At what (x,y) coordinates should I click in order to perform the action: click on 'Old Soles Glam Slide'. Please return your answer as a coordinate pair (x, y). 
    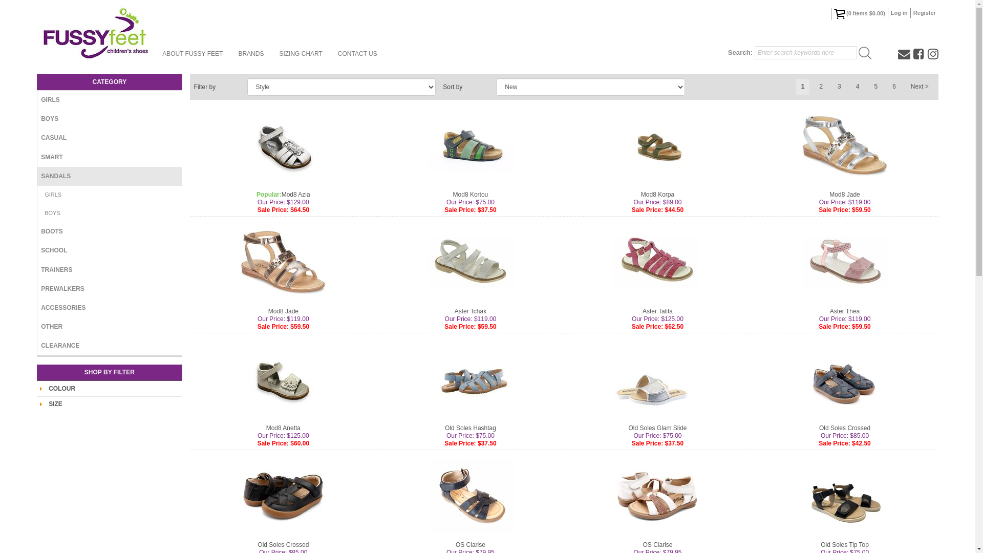
    Looking at the image, I should click on (657, 428).